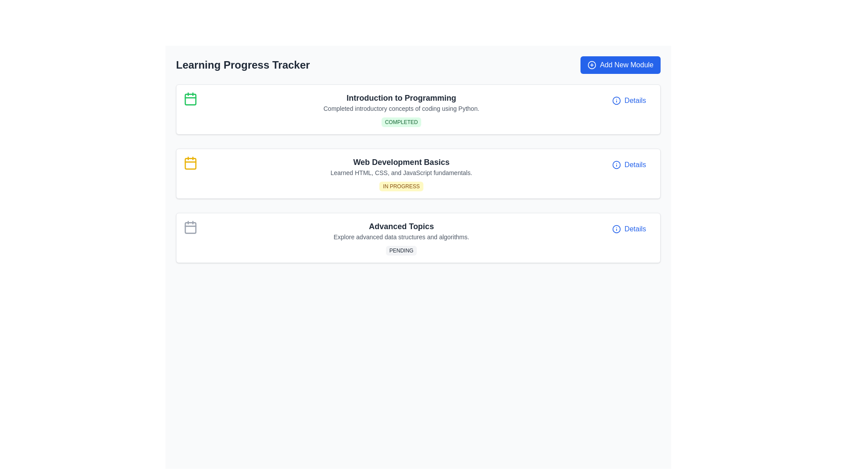 This screenshot has height=475, width=845. Describe the element at coordinates (616, 164) in the screenshot. I see `the circular blue information icon with an 'i' in the center, located to the right of the 'Advanced Topics' section and adjacent to the 'Details' label` at that location.